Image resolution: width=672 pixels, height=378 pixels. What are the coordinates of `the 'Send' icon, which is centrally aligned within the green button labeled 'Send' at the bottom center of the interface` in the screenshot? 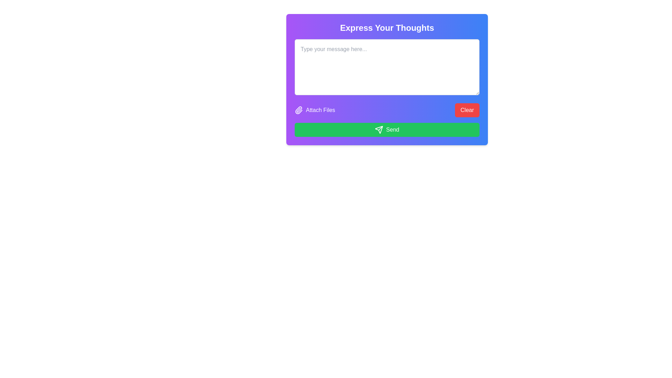 It's located at (379, 129).